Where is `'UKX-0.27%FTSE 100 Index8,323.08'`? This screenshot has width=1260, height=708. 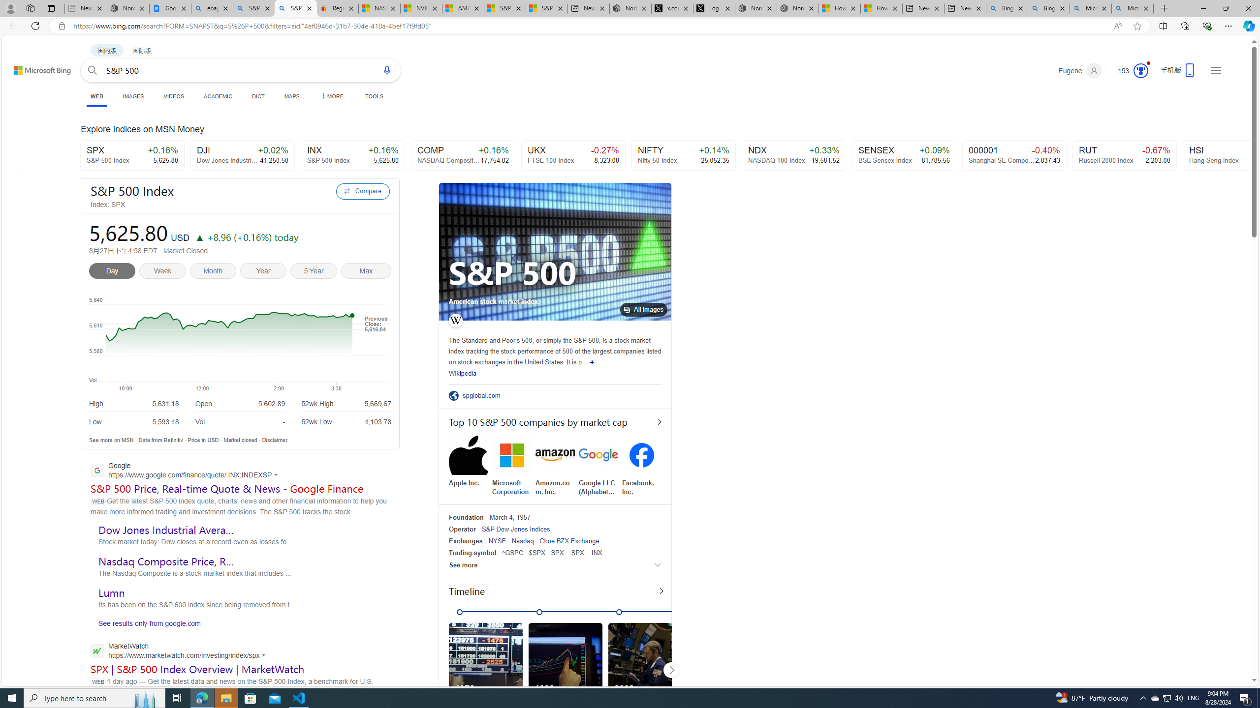
'UKX-0.27%FTSE 100 Index8,323.08' is located at coordinates (572, 155).